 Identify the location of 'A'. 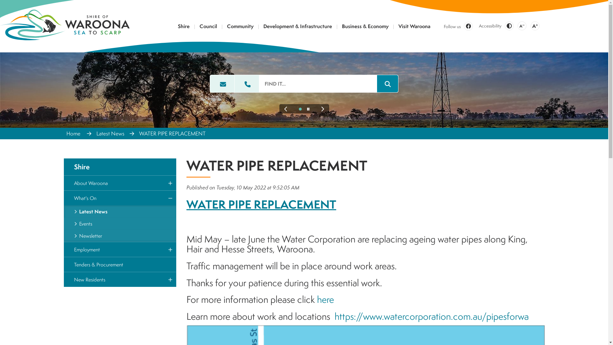
(518, 26).